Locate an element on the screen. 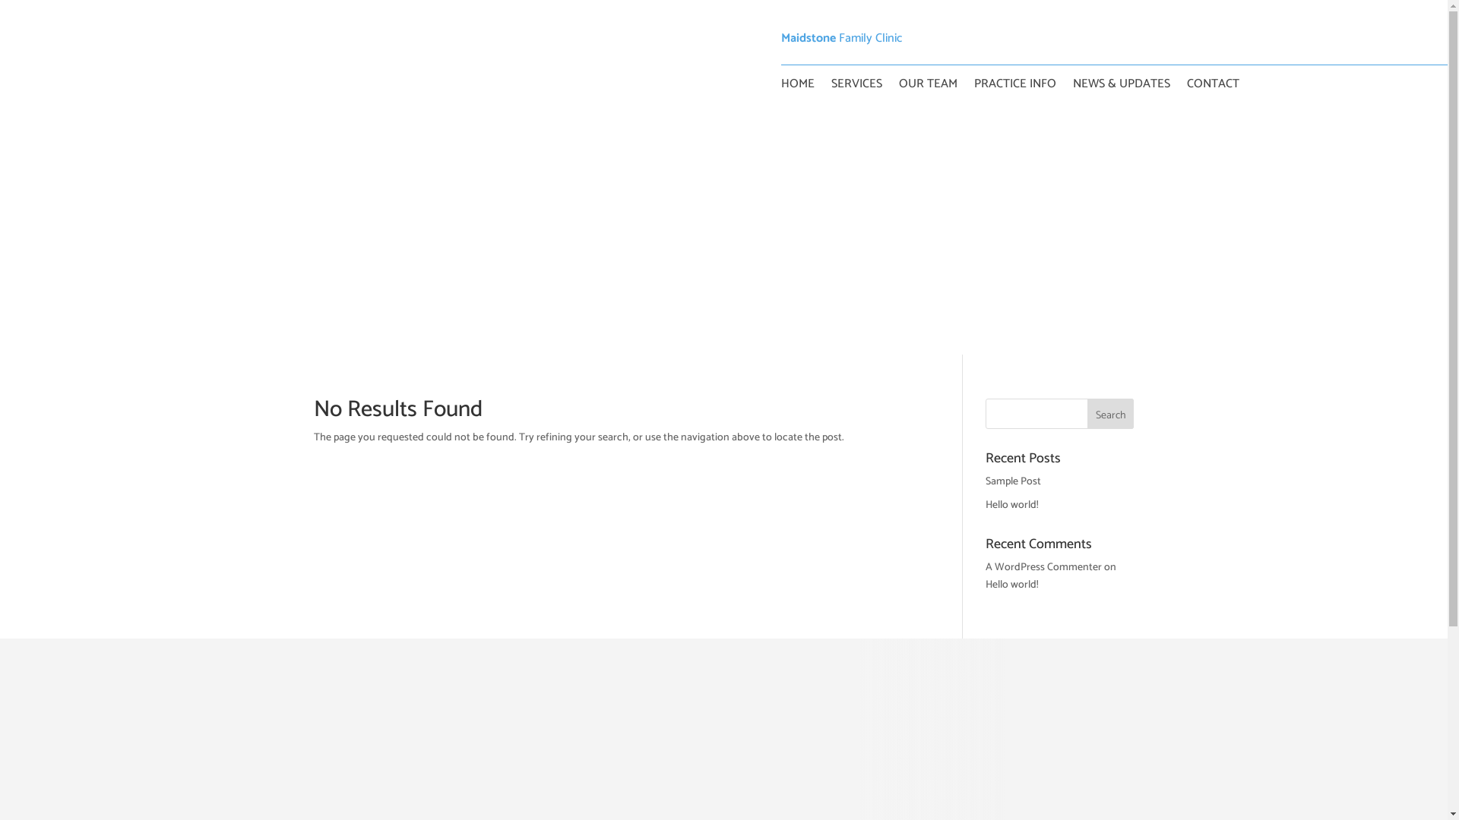 The height and width of the screenshot is (820, 1459). 'OUR TEAM' is located at coordinates (926, 87).